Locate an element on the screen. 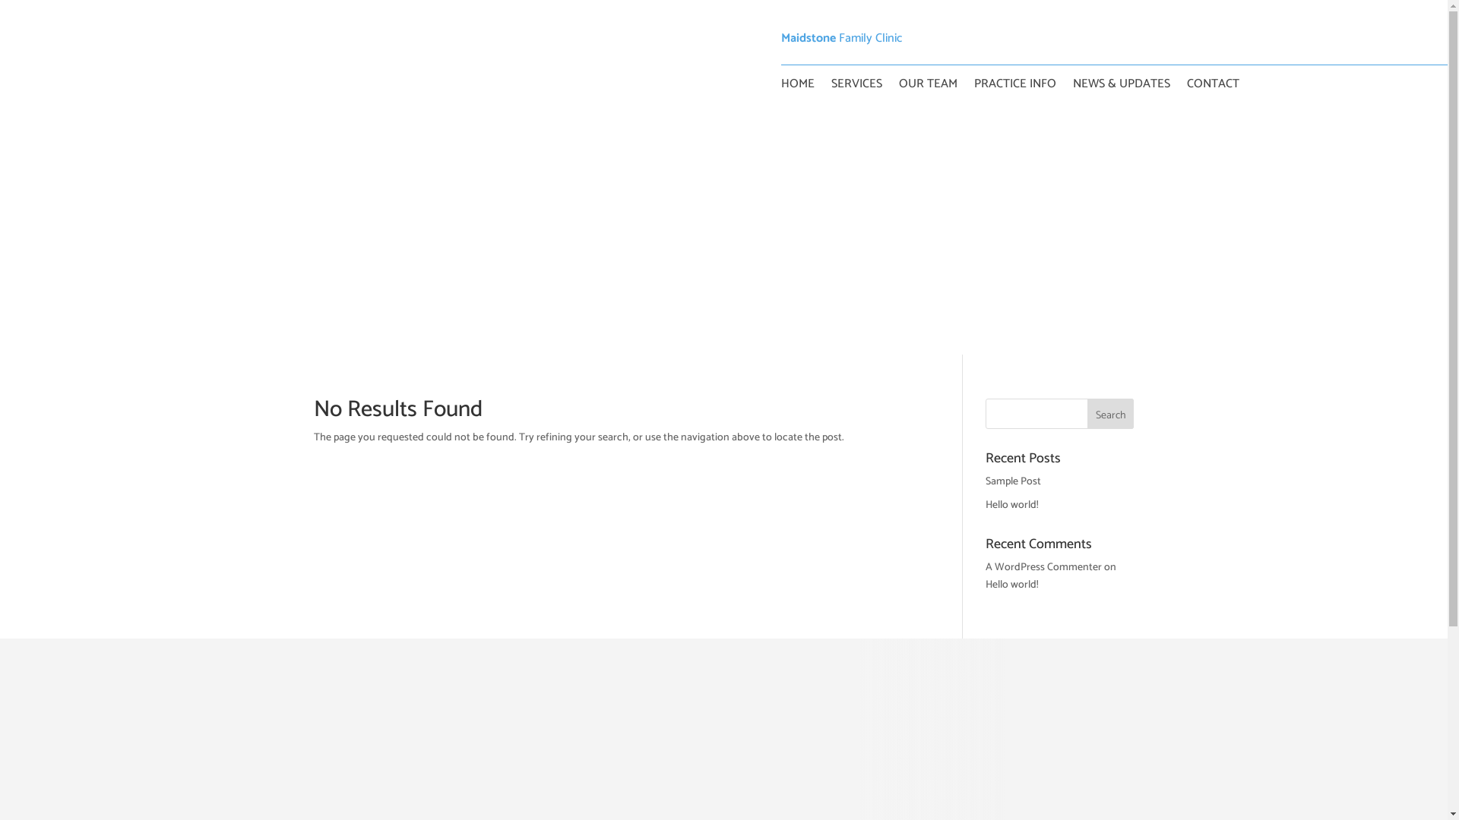 The height and width of the screenshot is (820, 1459). 'OUR TEAM' is located at coordinates (926, 87).